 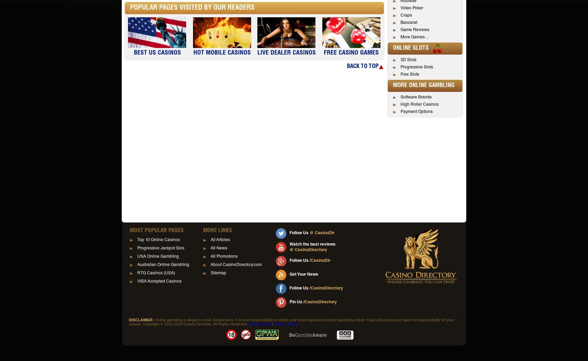 I want to click on 'BACK TO TOP', so click(x=362, y=66).